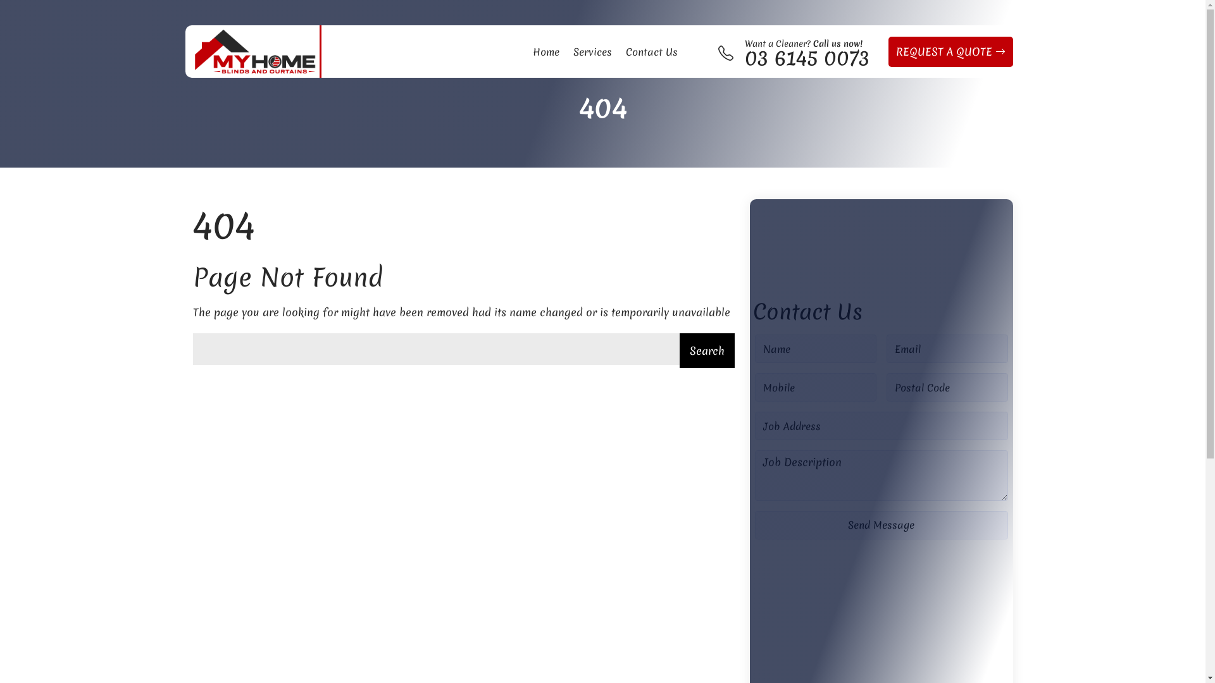 The width and height of the screenshot is (1215, 683). I want to click on 'Send Message', so click(754, 525).